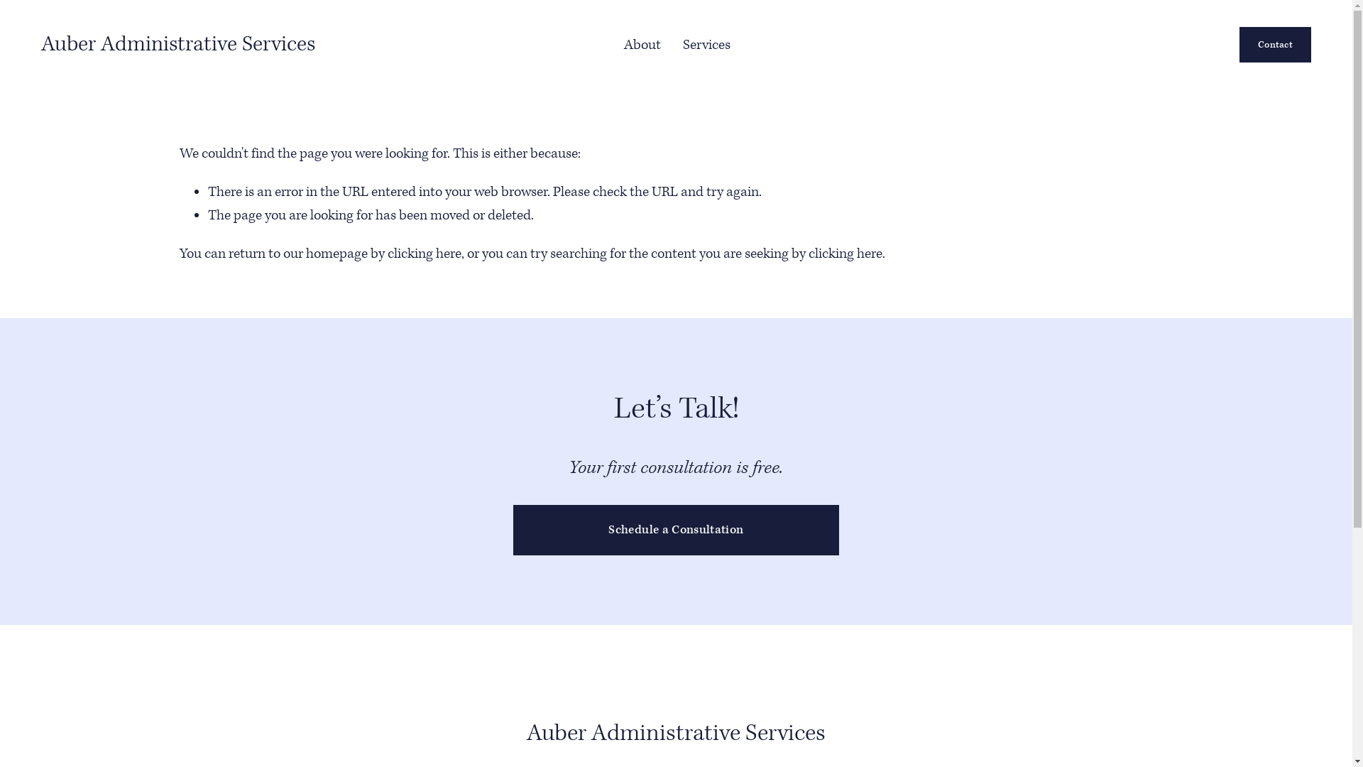  What do you see at coordinates (424, 253) in the screenshot?
I see `'clicking here'` at bounding box center [424, 253].